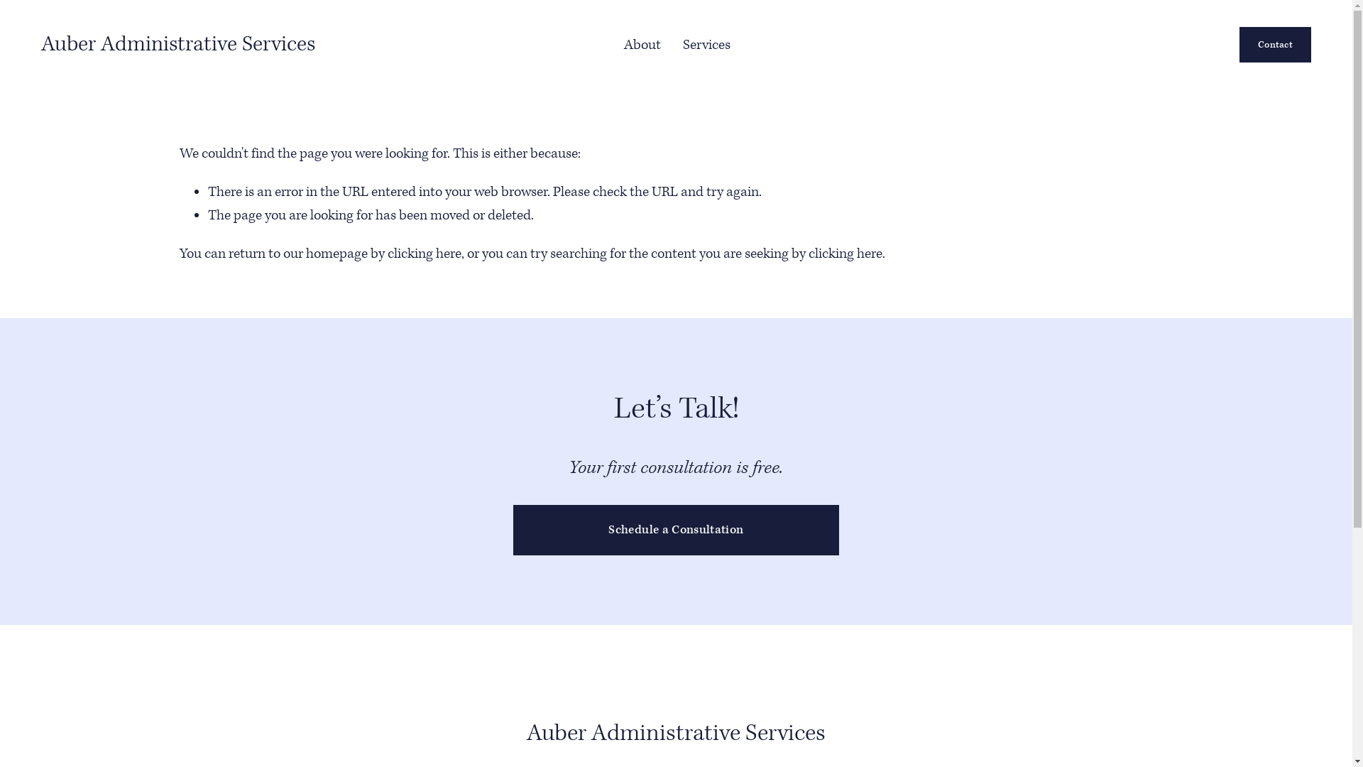  What do you see at coordinates (424, 253) in the screenshot?
I see `'clicking here'` at bounding box center [424, 253].